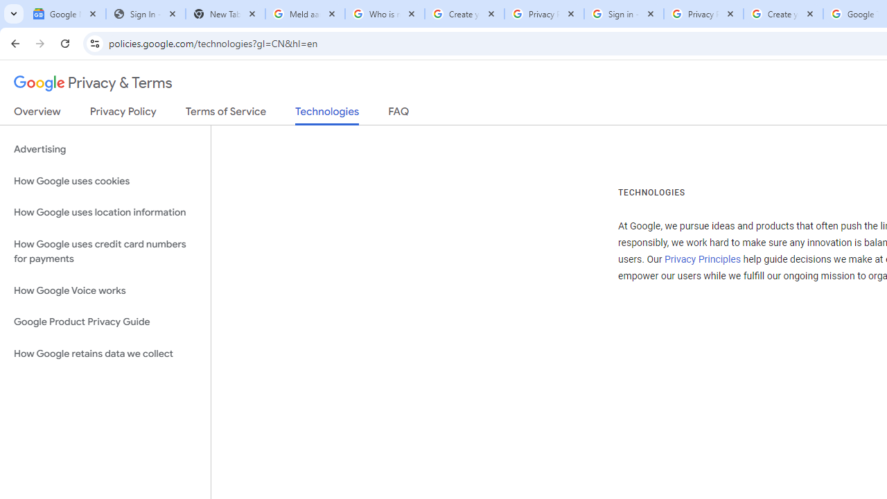 The height and width of the screenshot is (499, 887). Describe the element at coordinates (398, 114) in the screenshot. I see `'FAQ'` at that location.